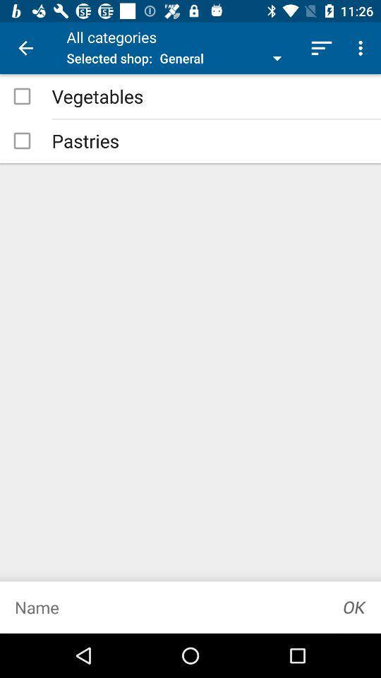 This screenshot has height=678, width=381. I want to click on confirm, so click(354, 607).